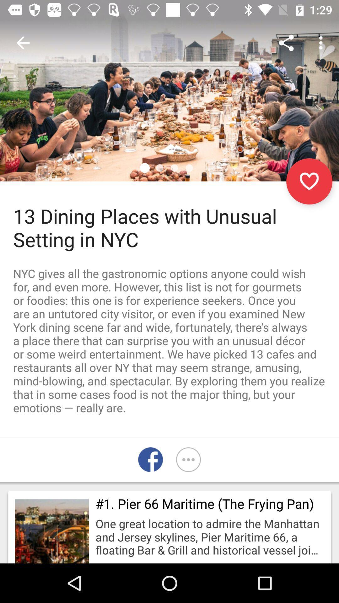 Image resolution: width=339 pixels, height=603 pixels. I want to click on the more icon, so click(188, 459).